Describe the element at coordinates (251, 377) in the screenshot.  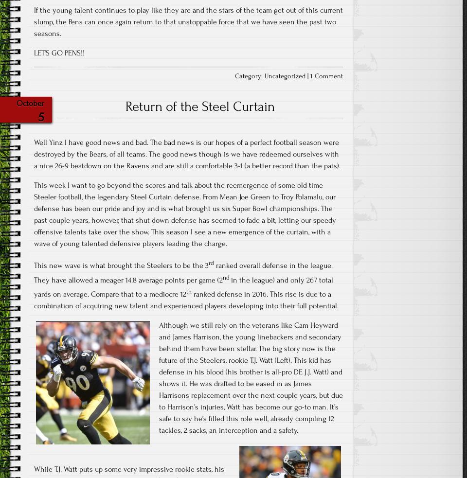
I see `'Although we still rely on the veterans like Cam Heyward and James Harrison, the young linebackers and secondary behind them have been stellar. The big story now is the future of the Steelers, rookie T.J. Watt (Left). This kid has defense in his blood (his brother is all-pro DE J.J. Watt) and shows it. He was drafted to be eased in as James Harrisons replacement over the next couple years, but due to Harrison’s injuries, Watt has become our go-to man. It’s safe to say he’s filled this role well, already compiling 12 tackles, 2 sacks, an interception and a safety.'` at that location.